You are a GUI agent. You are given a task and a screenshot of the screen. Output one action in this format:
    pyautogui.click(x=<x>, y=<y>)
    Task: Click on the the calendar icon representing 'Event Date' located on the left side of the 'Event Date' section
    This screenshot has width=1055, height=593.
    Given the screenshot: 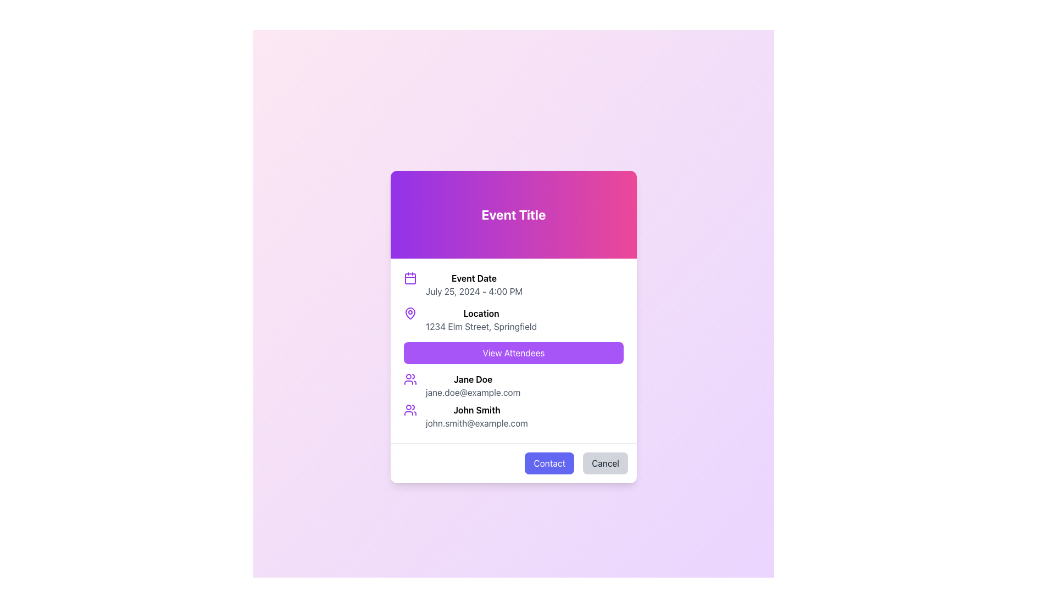 What is the action you would take?
    pyautogui.click(x=410, y=277)
    